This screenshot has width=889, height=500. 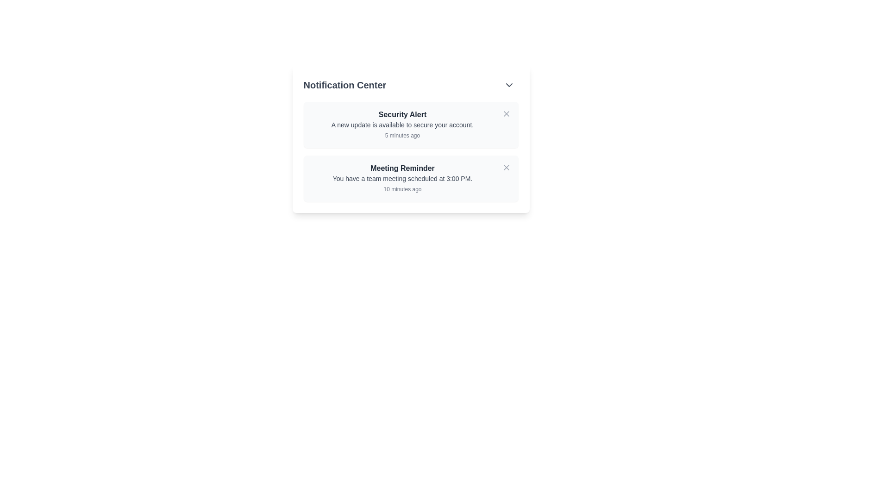 I want to click on the 'Security Alert' notification item located near the center top of the notification panel, below the 'Notification Center' header to interact with it, so click(x=410, y=139).